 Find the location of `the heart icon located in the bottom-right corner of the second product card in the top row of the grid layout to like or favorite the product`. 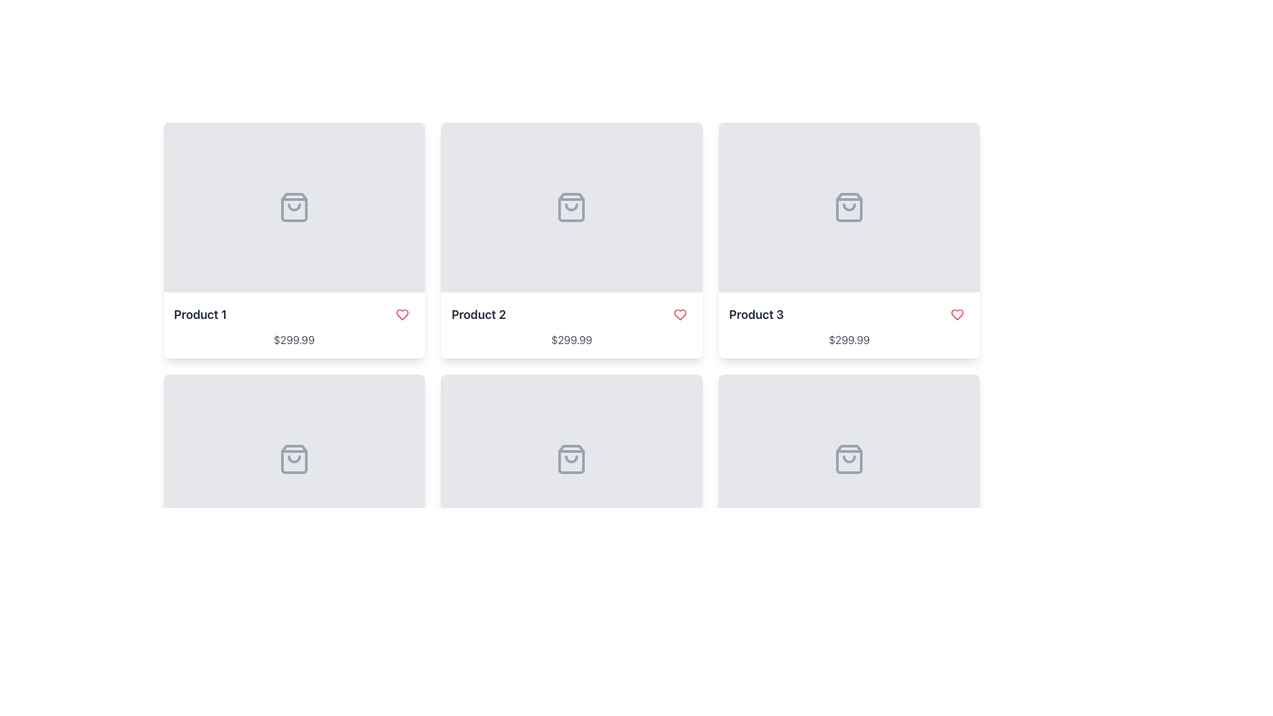

the heart icon located in the bottom-right corner of the second product card in the top row of the grid layout to like or favorite the product is located at coordinates (402, 314).